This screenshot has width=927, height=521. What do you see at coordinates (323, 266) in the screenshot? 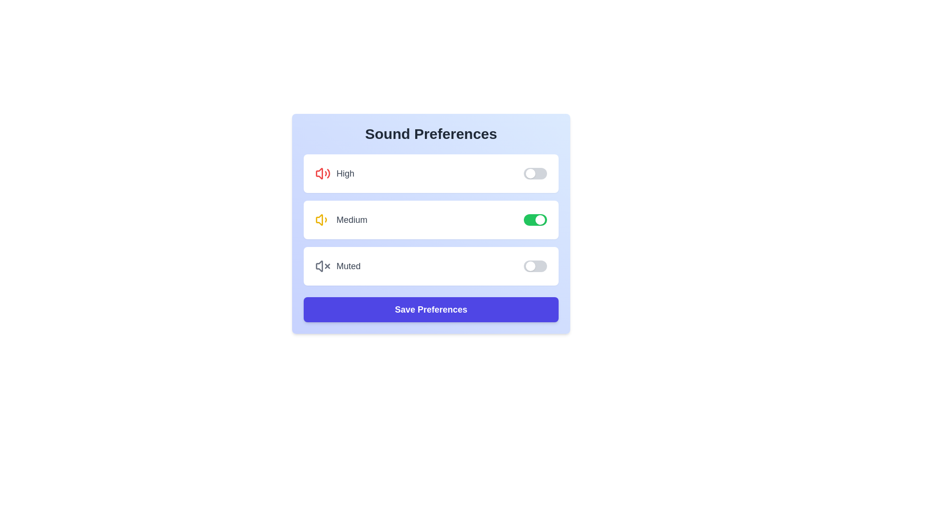
I see `the sound level icon for Muted` at bounding box center [323, 266].